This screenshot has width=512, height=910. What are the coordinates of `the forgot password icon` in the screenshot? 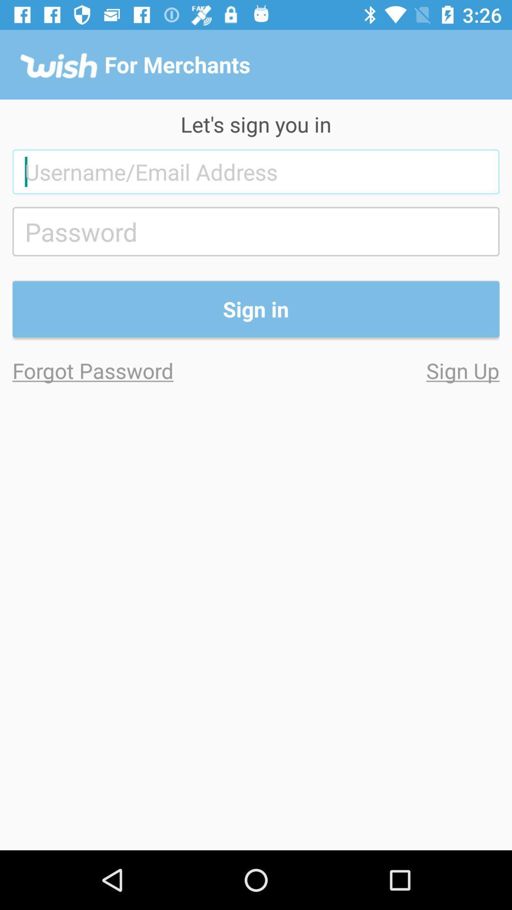 It's located at (134, 370).